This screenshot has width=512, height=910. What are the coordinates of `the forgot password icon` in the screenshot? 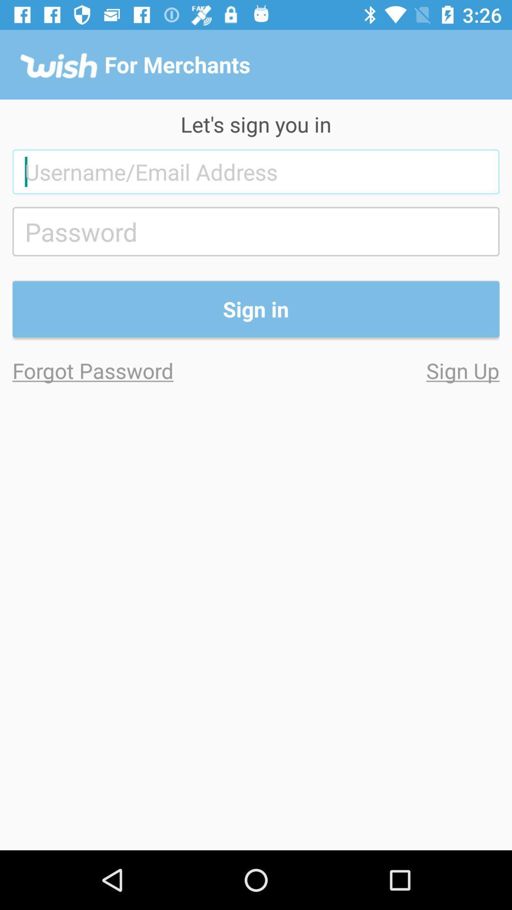 It's located at (134, 370).